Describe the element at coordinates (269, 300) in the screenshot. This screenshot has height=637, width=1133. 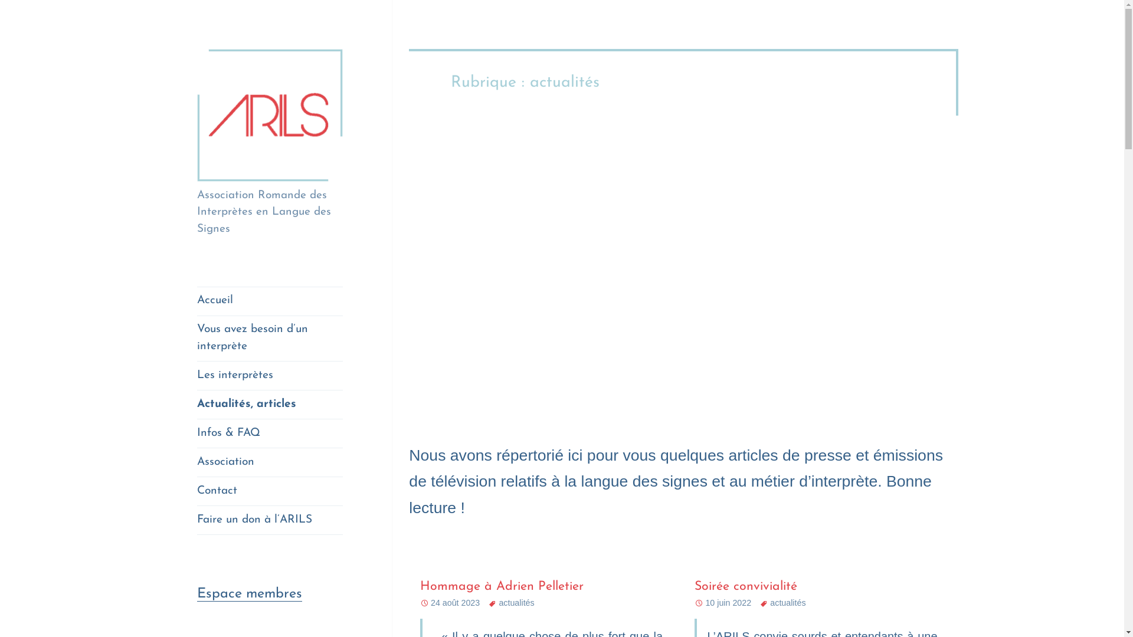
I see `'Accueil'` at that location.